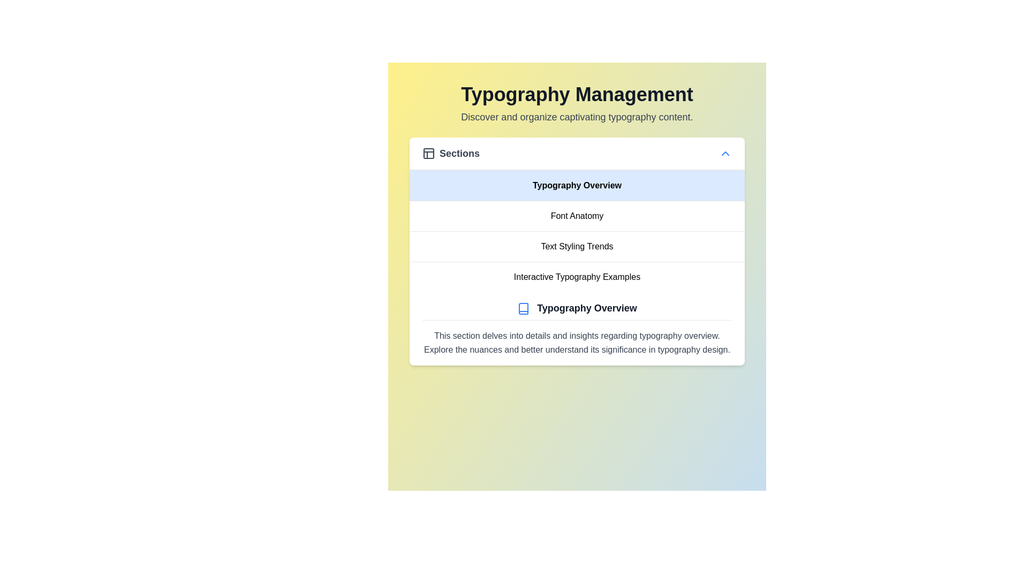 The image size is (1028, 578). I want to click on the 'Typography Overview' button with a light blue background and bold text, so click(577, 185).